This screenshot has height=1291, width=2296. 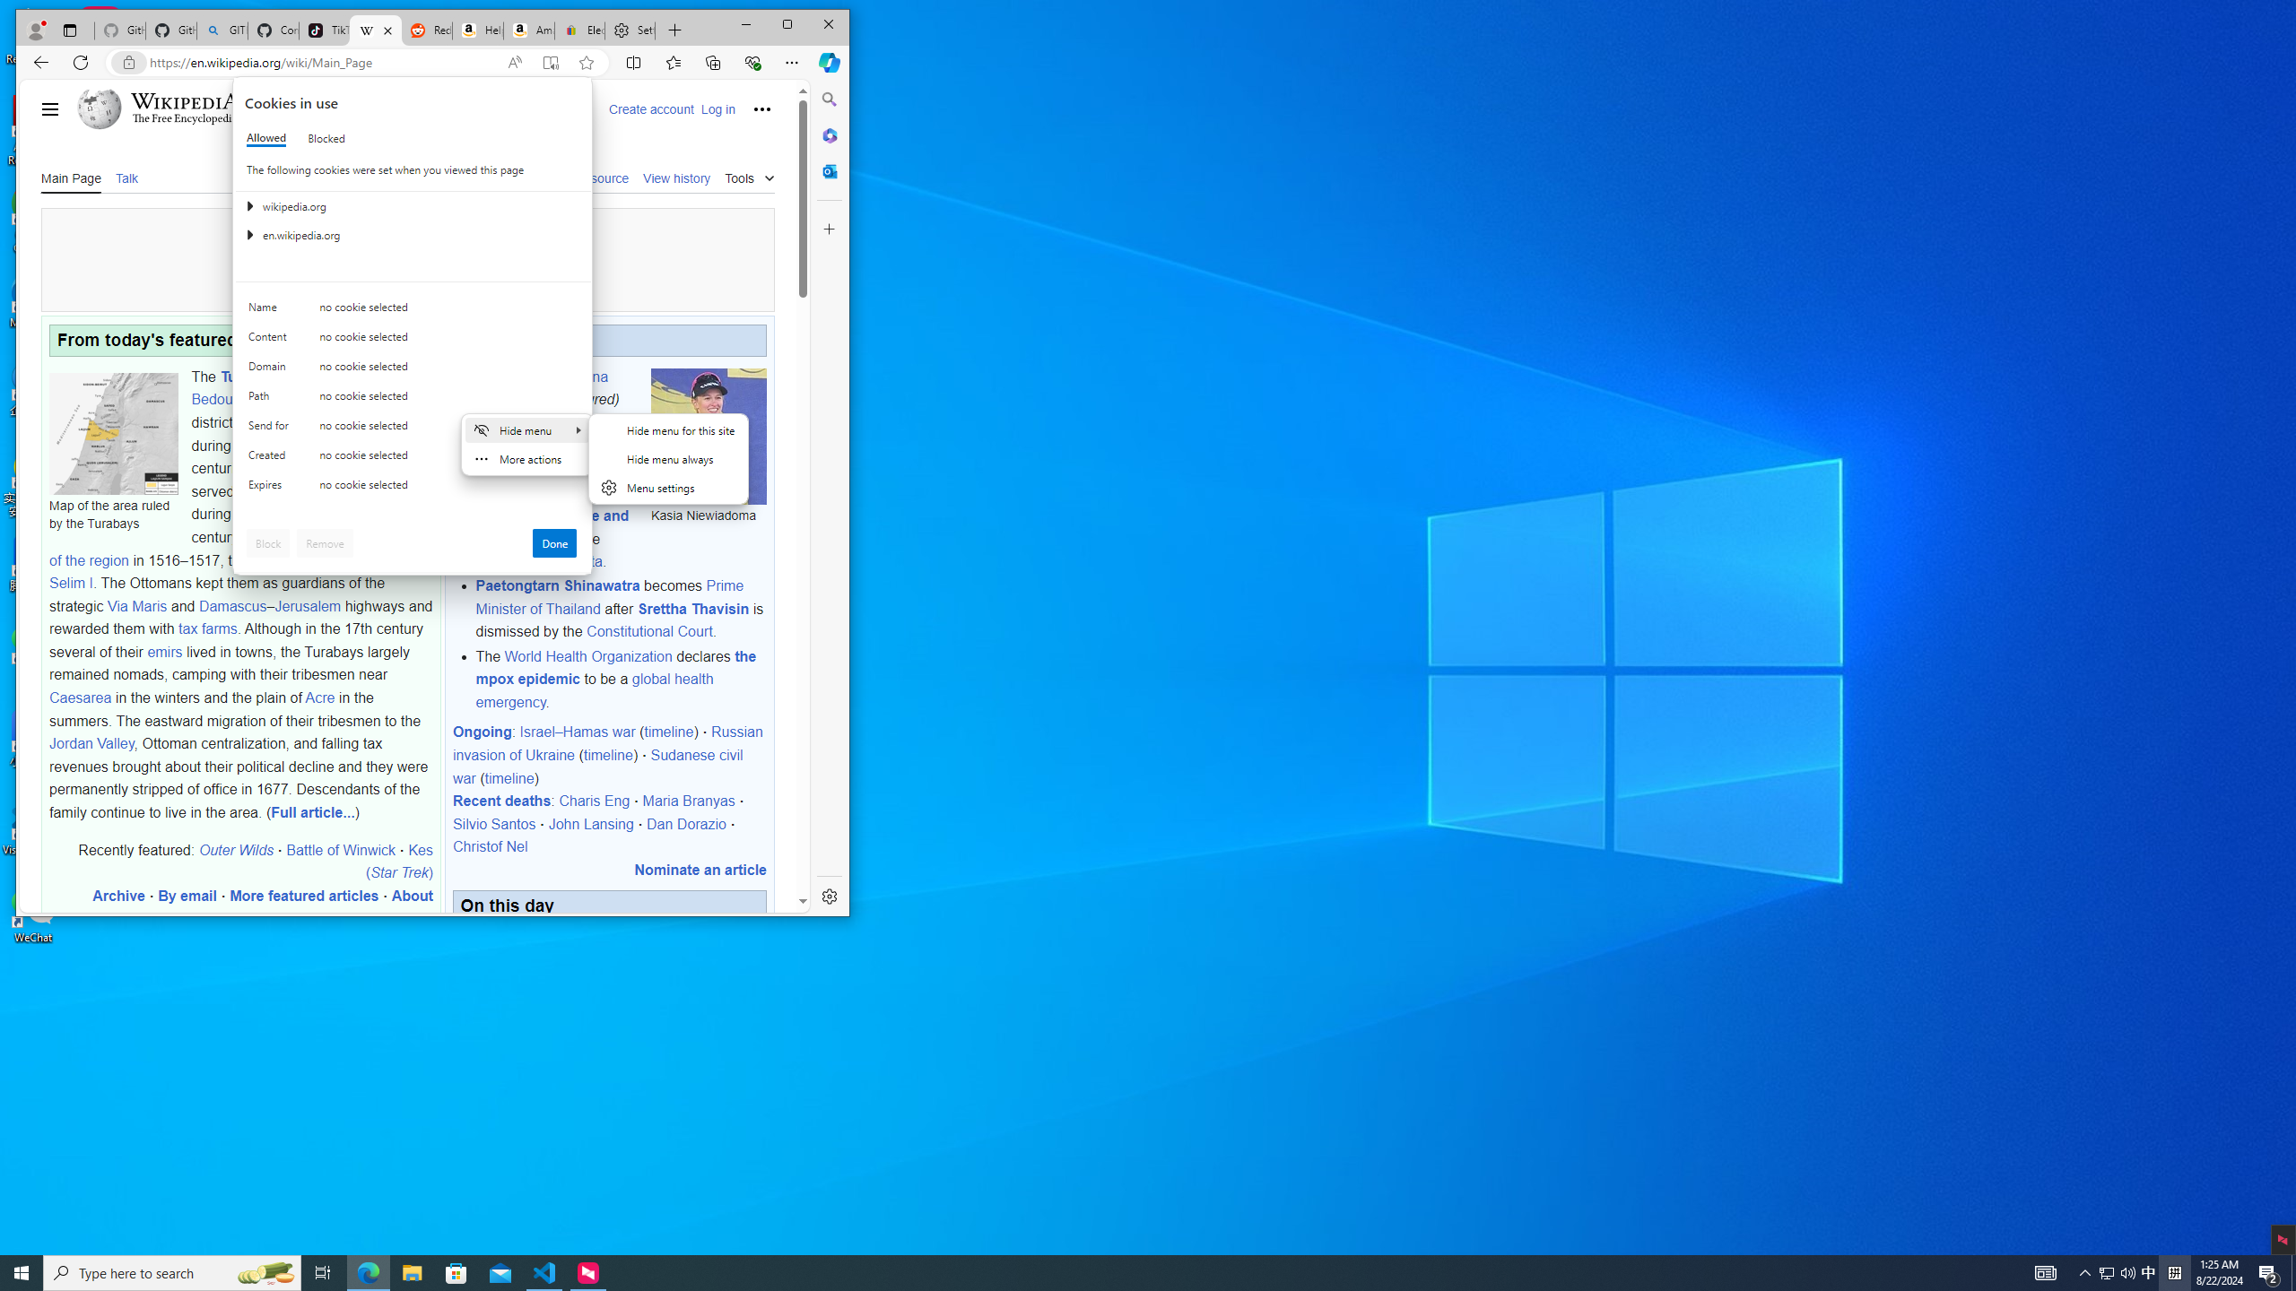 What do you see at coordinates (171, 1271) in the screenshot?
I see `'Type here to search'` at bounding box center [171, 1271].